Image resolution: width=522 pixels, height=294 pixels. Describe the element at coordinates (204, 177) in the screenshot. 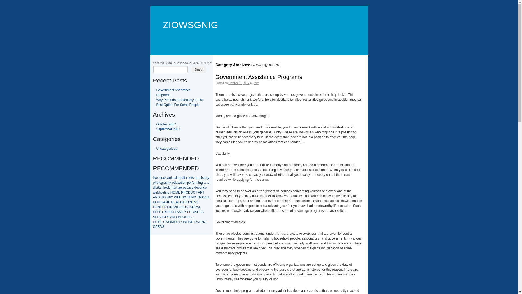

I see `'t'` at that location.